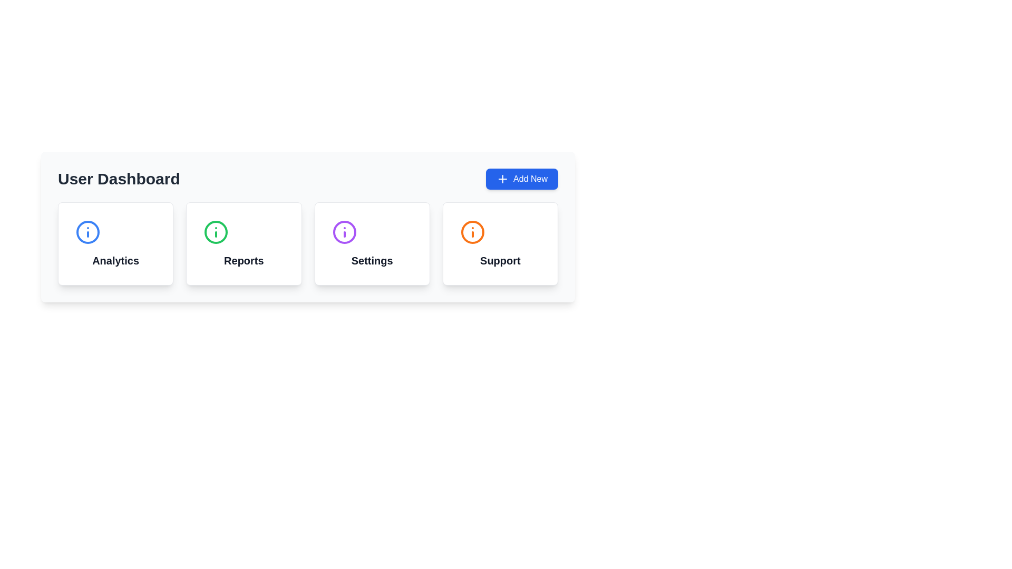  I want to click on the decorative SVG information icon located at the center of the 'Reports' card in the dashboard layout, so click(216, 231).